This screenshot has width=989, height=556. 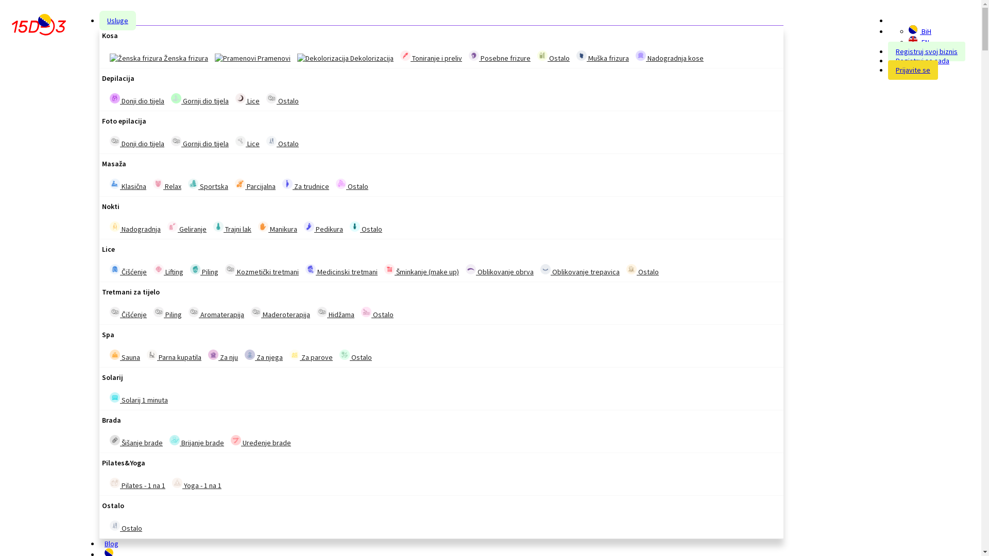 What do you see at coordinates (294, 354) in the screenshot?
I see `'Za parove'` at bounding box center [294, 354].